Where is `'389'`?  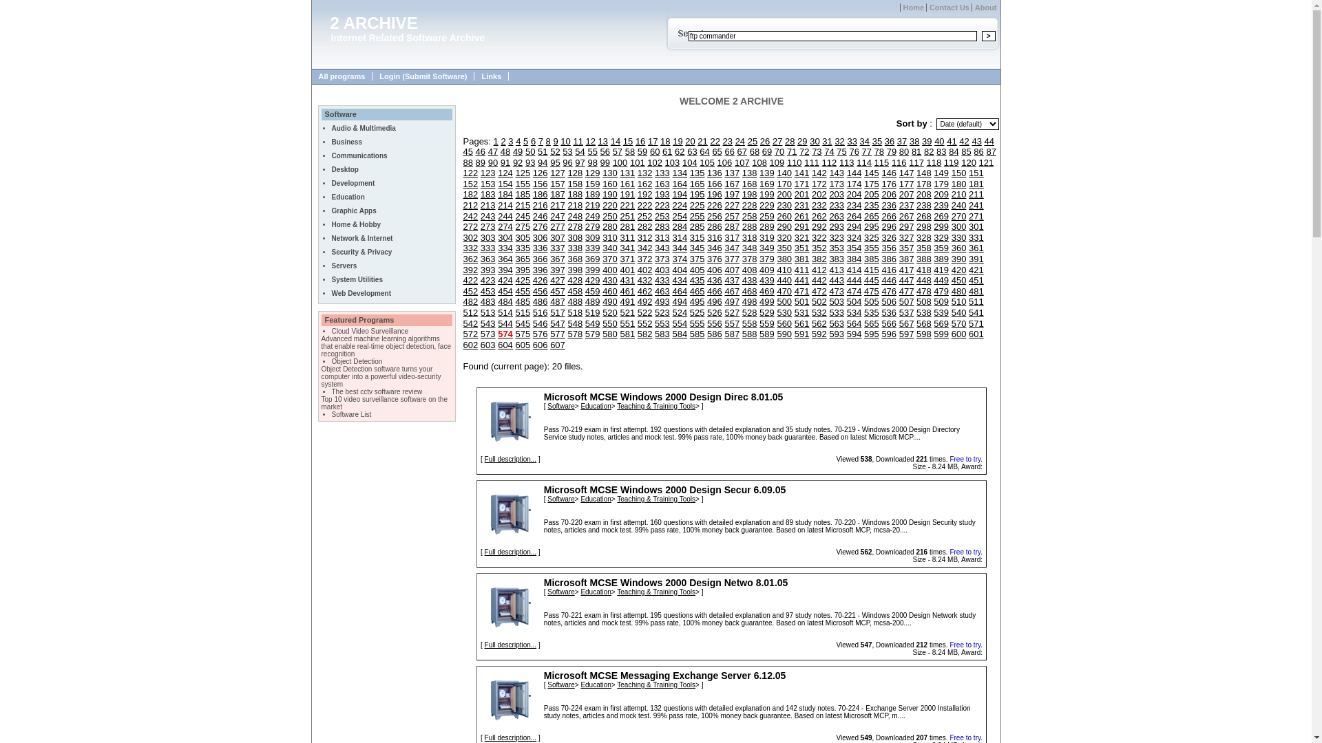 '389' is located at coordinates (934, 259).